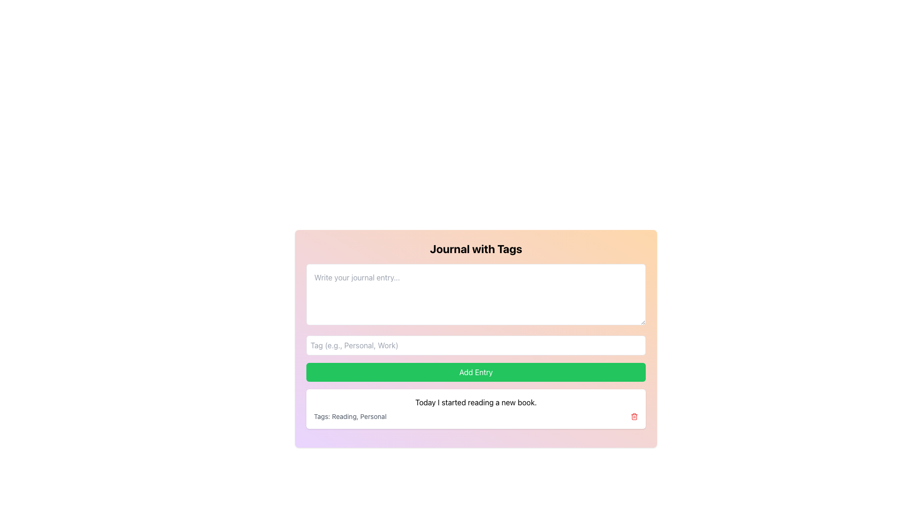  I want to click on the 'Add Entry' button with a green background and white text, so click(476, 372).